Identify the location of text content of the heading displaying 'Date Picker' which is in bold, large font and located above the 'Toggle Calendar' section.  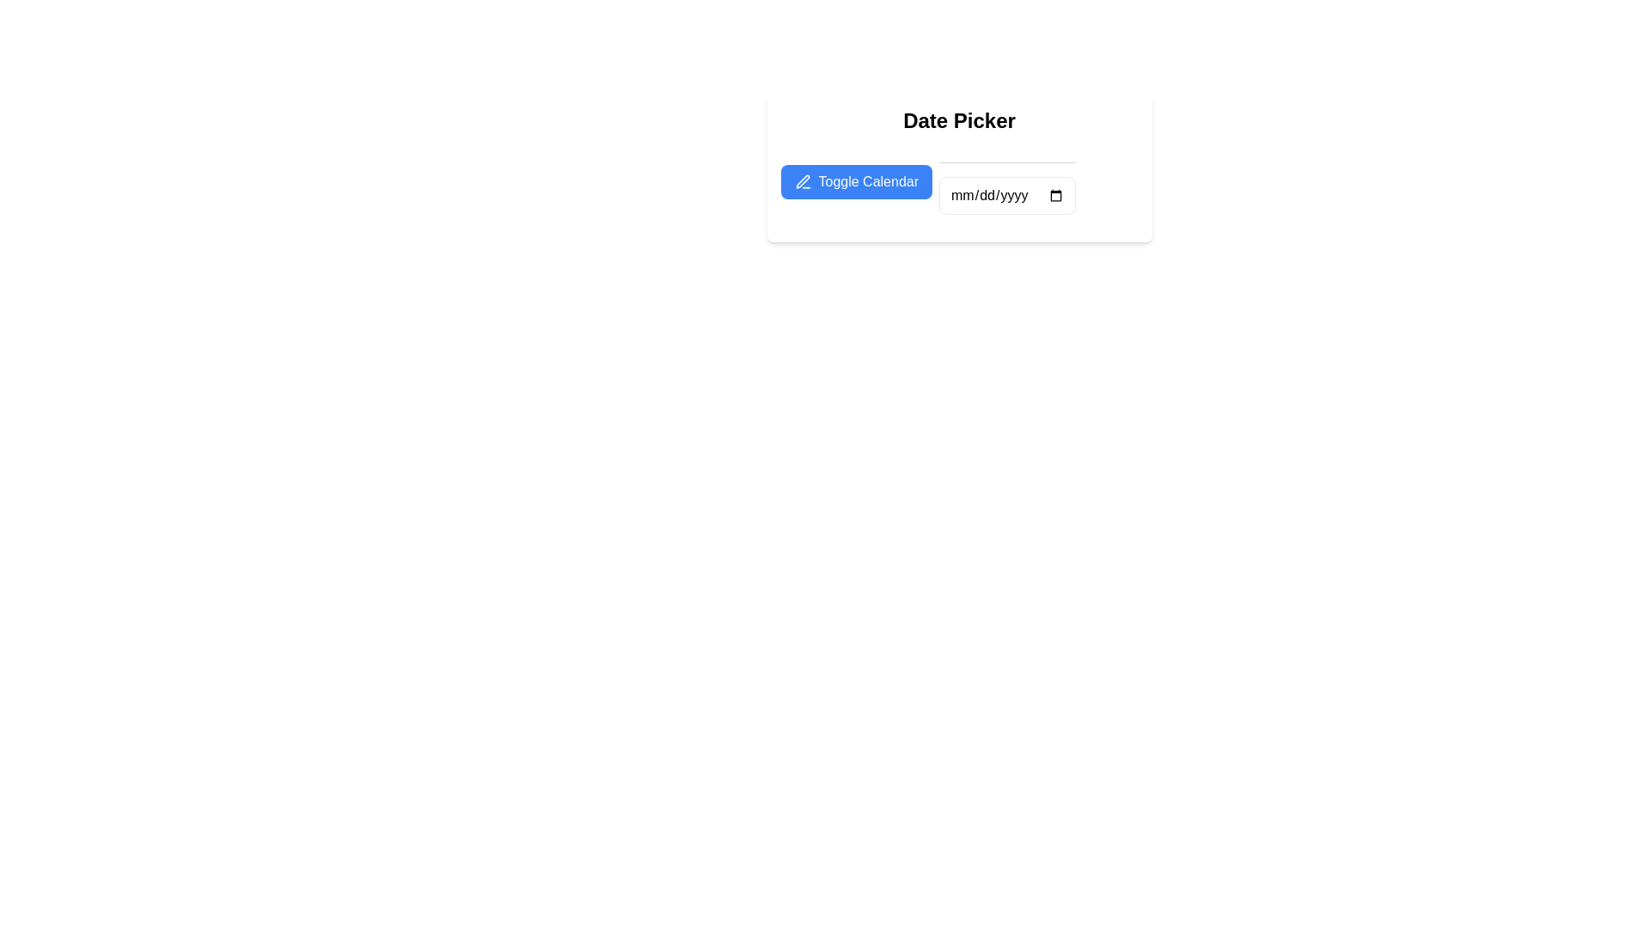
(958, 120).